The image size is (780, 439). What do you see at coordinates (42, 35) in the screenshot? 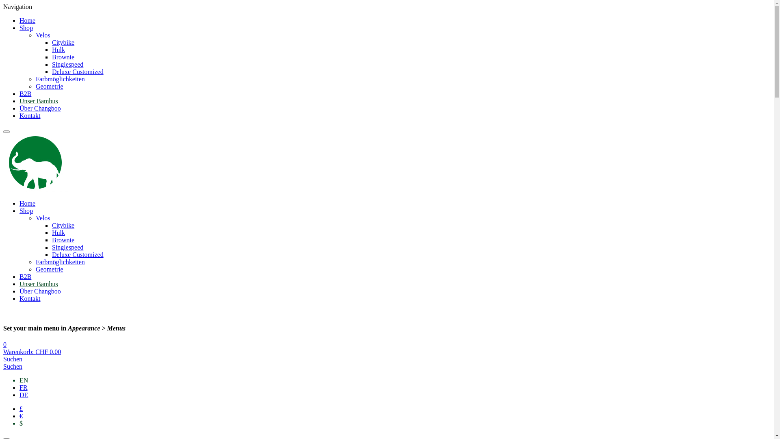
I see `'Velos'` at bounding box center [42, 35].